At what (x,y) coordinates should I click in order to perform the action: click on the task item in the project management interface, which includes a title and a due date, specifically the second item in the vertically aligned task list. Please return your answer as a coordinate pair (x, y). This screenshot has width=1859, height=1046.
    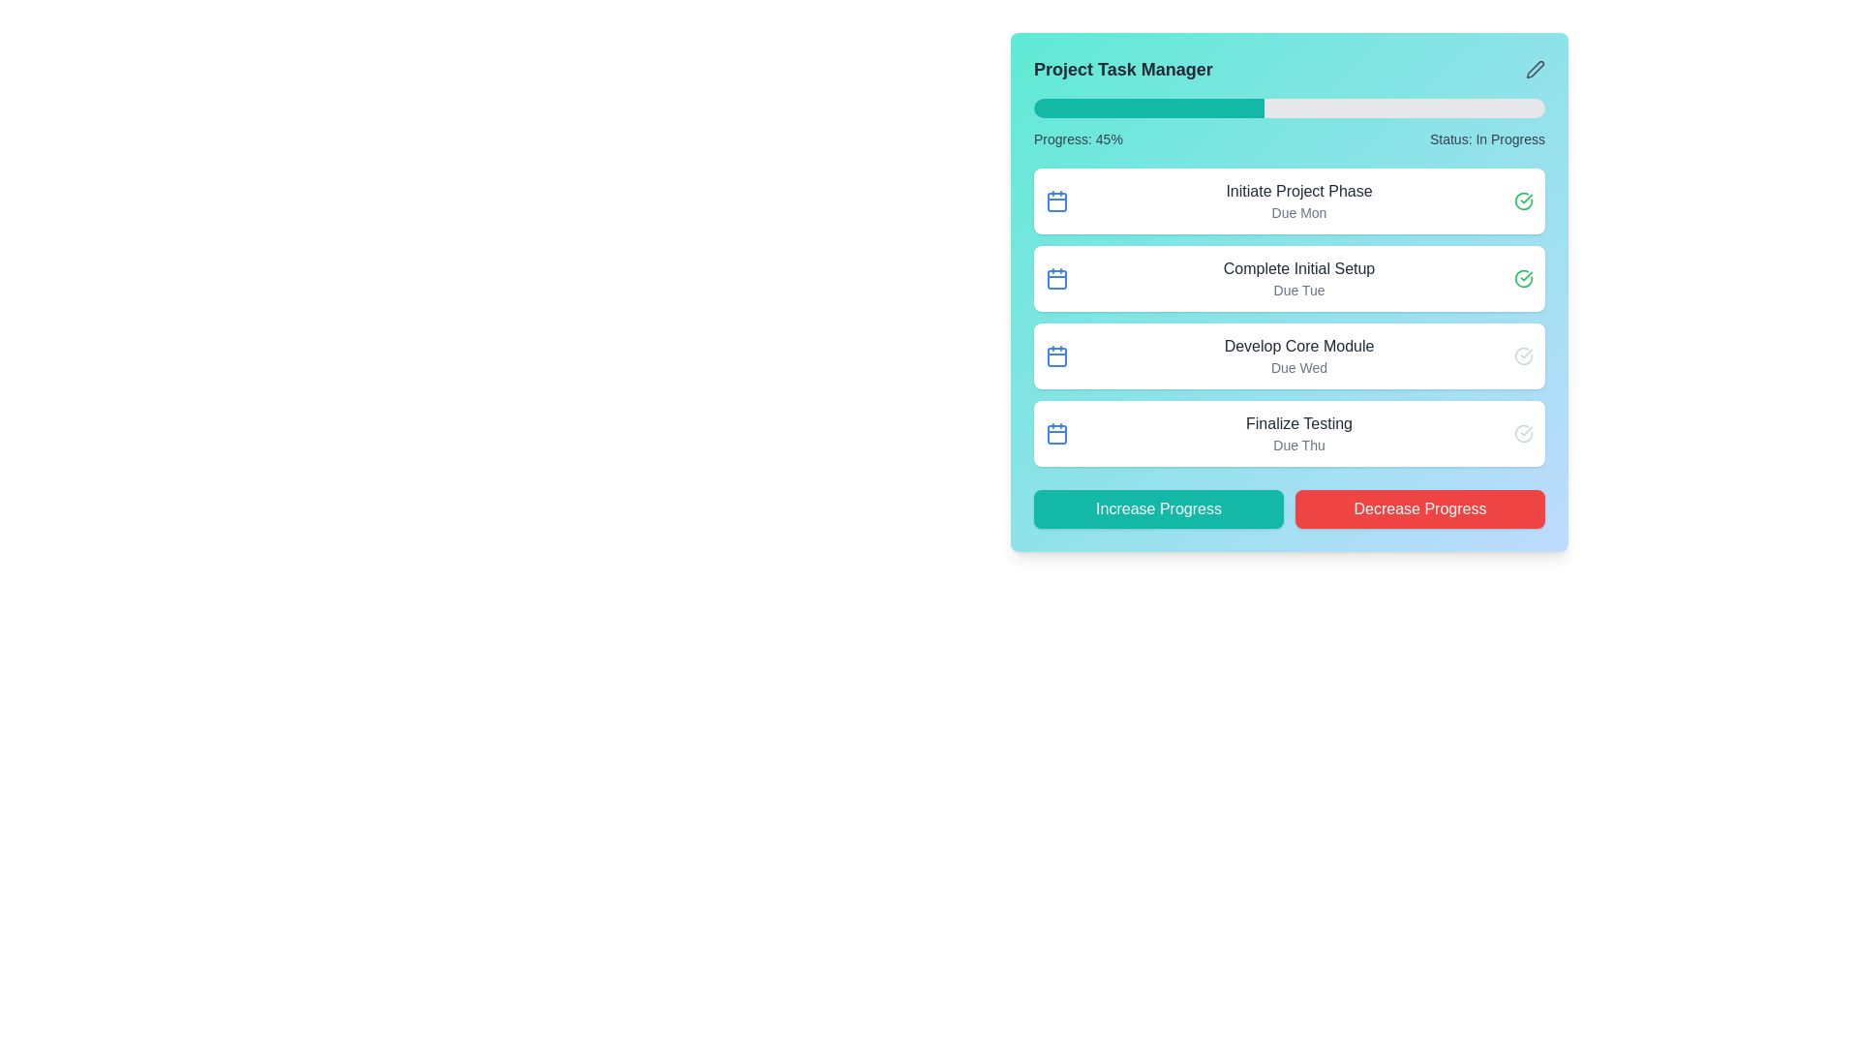
    Looking at the image, I should click on (1299, 279).